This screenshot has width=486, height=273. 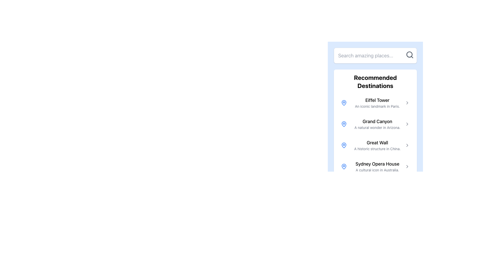 I want to click on the 'Recommended Destinations' list item for the Grand Canyon, so click(x=375, y=124).